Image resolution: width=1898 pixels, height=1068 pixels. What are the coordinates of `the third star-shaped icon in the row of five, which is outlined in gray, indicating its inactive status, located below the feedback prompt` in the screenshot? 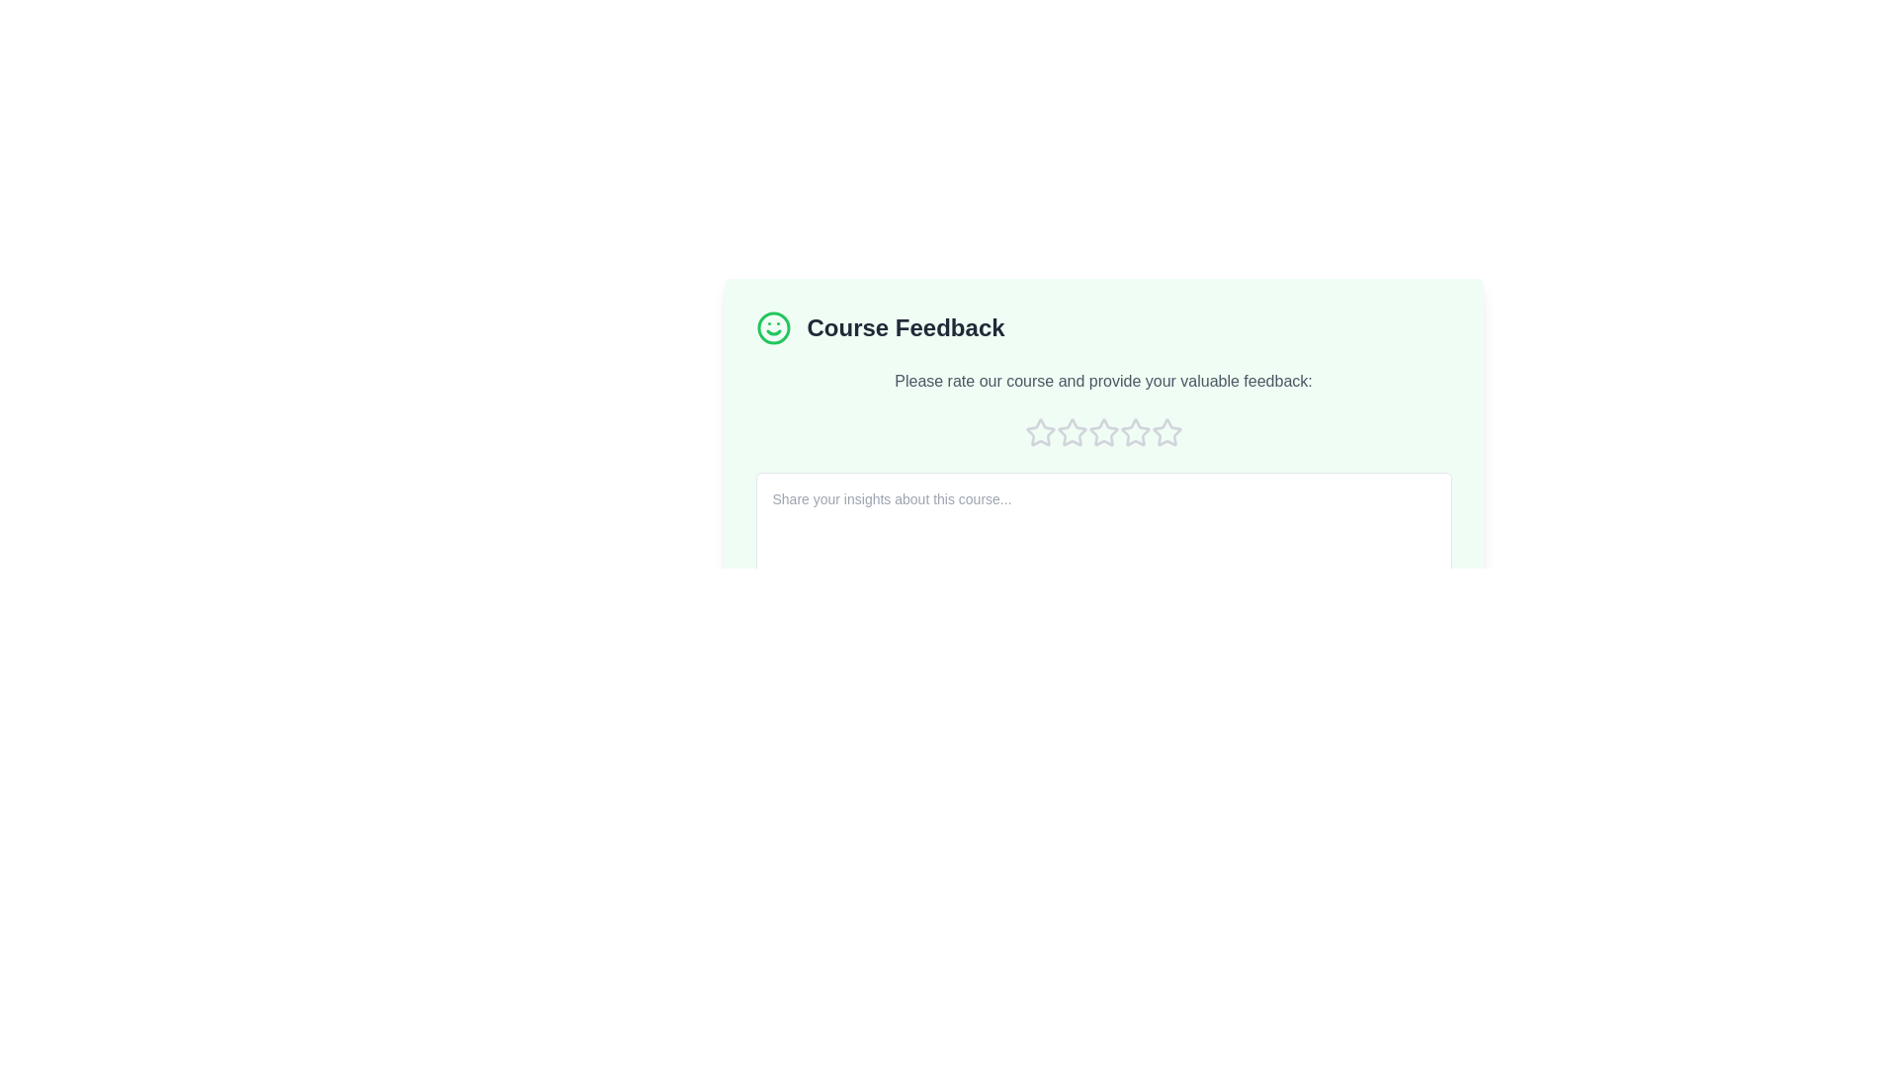 It's located at (1071, 432).